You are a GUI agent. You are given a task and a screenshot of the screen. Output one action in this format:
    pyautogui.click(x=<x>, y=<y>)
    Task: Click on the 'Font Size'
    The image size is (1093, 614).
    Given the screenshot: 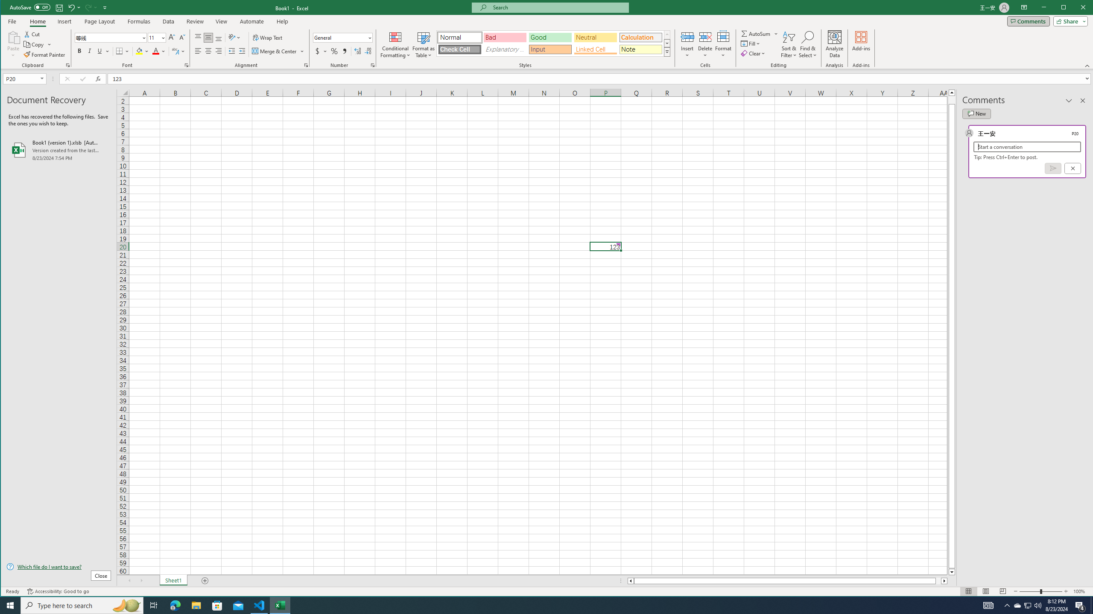 What is the action you would take?
    pyautogui.click(x=153, y=38)
    